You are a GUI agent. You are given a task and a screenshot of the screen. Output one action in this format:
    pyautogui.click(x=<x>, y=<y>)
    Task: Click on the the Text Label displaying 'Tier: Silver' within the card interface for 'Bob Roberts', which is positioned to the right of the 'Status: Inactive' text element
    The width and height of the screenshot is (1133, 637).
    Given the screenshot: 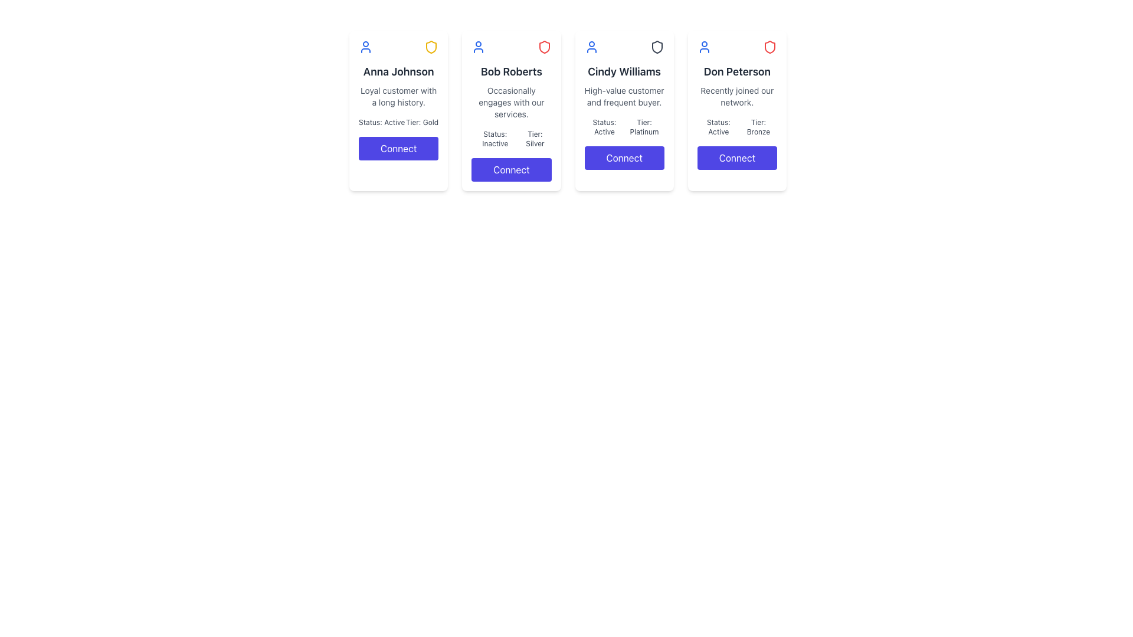 What is the action you would take?
    pyautogui.click(x=534, y=138)
    